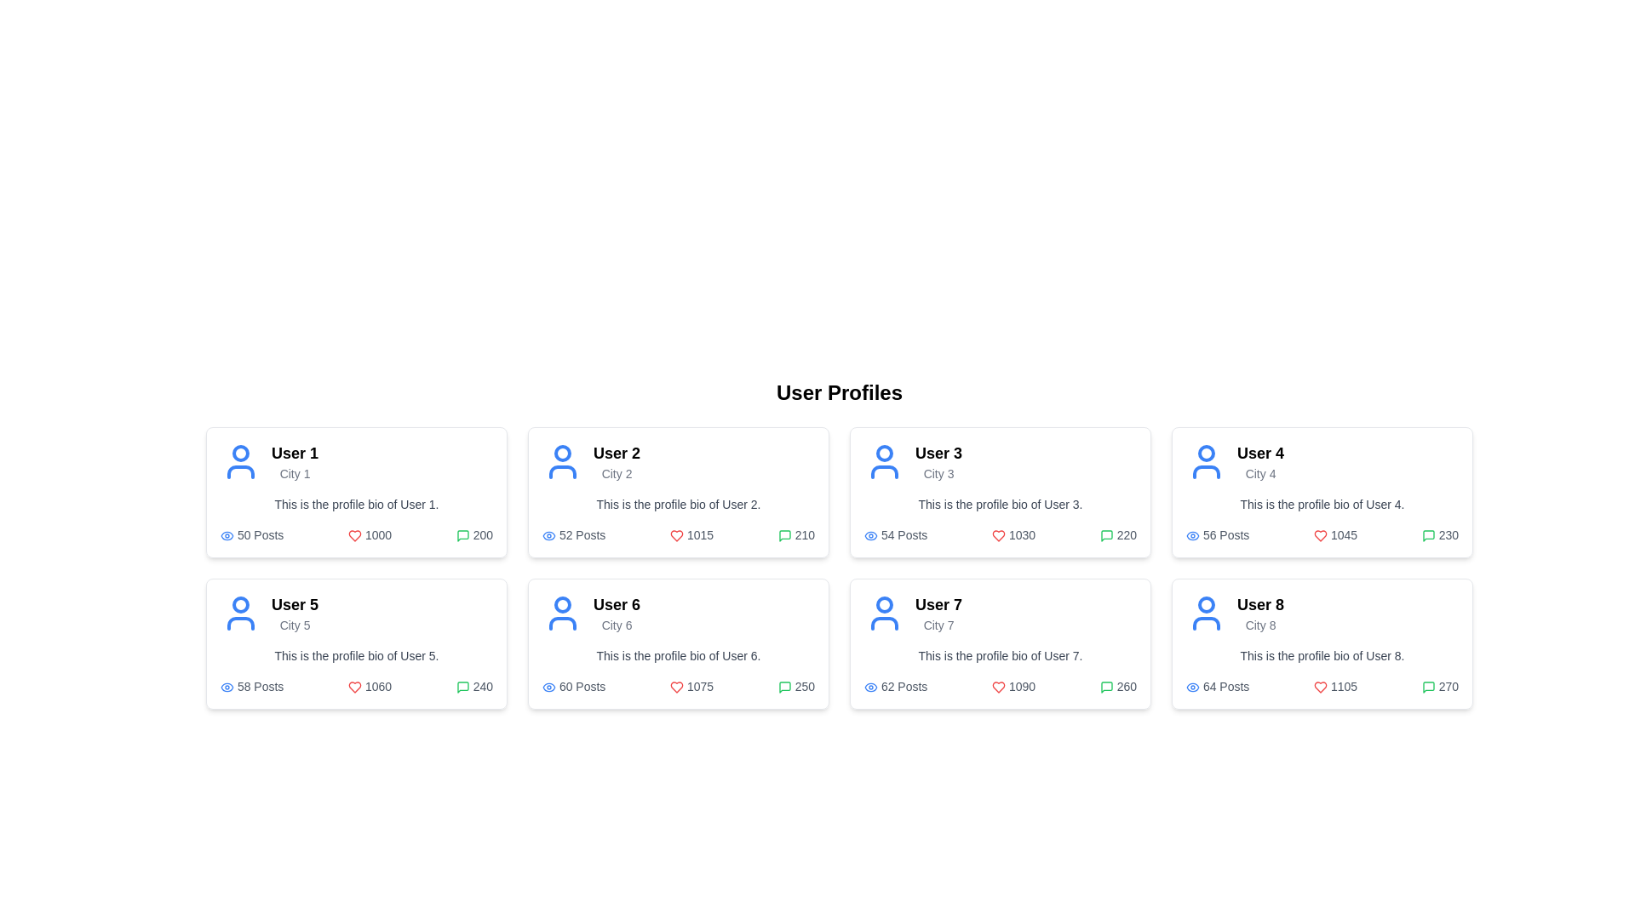 This screenshot has width=1635, height=919. Describe the element at coordinates (1319, 687) in the screenshot. I see `the heart-shaped 'like' icon located at the bottom center of 'User 8's card, adjacent to the likes counter displaying '1105'` at that location.